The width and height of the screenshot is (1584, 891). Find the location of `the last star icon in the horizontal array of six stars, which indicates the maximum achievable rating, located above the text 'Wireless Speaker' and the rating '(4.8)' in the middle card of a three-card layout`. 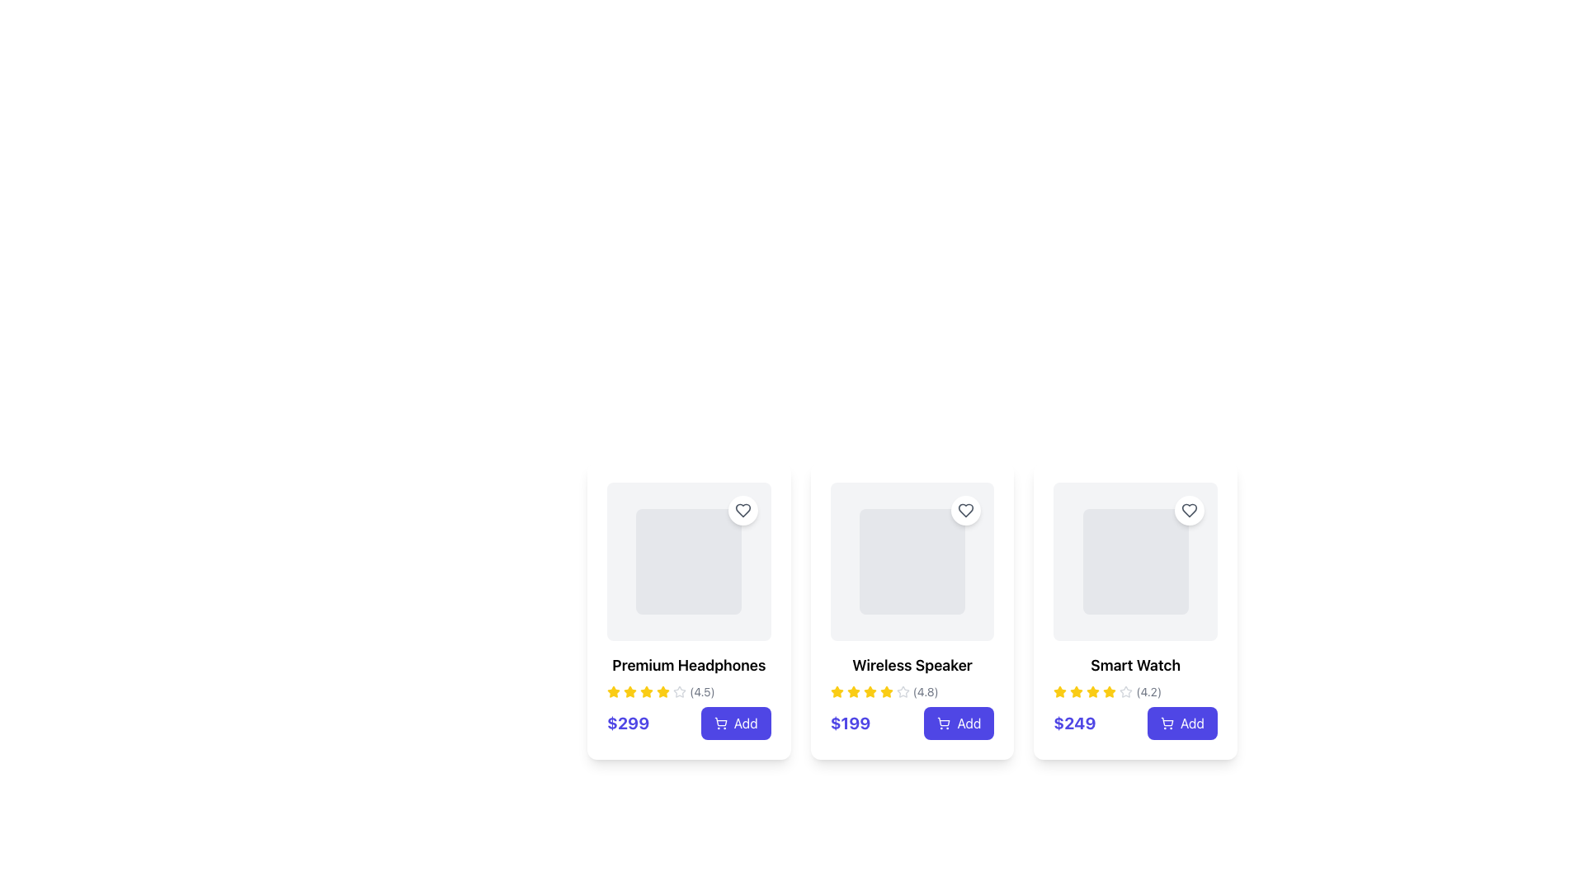

the last star icon in the horizontal array of six stars, which indicates the maximum achievable rating, located above the text 'Wireless Speaker' and the rating '(4.8)' in the middle card of a three-card layout is located at coordinates (902, 692).